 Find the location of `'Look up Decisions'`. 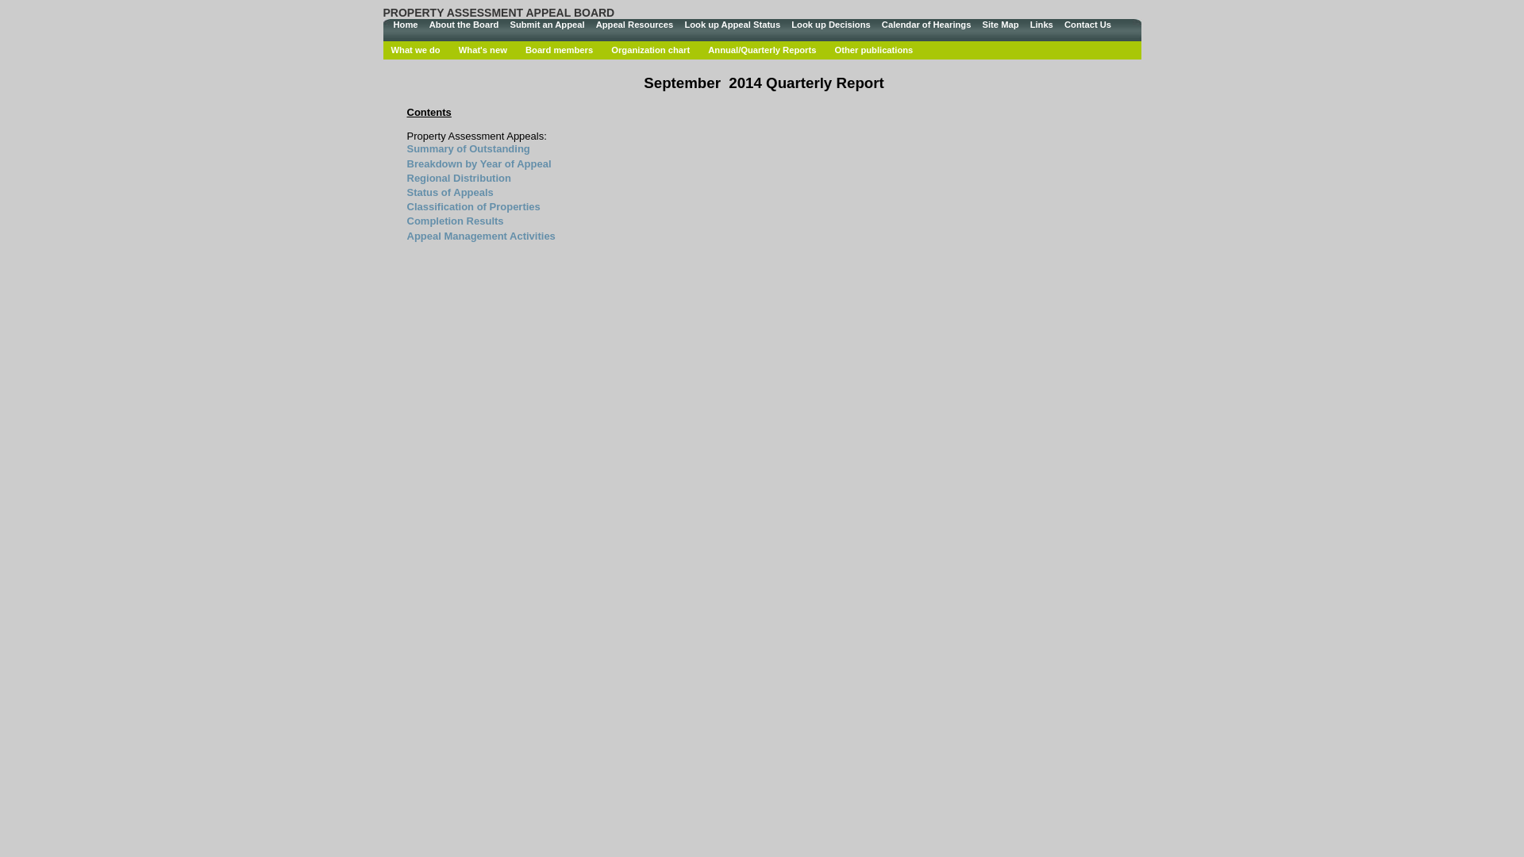

'Look up Decisions' is located at coordinates (829, 25).